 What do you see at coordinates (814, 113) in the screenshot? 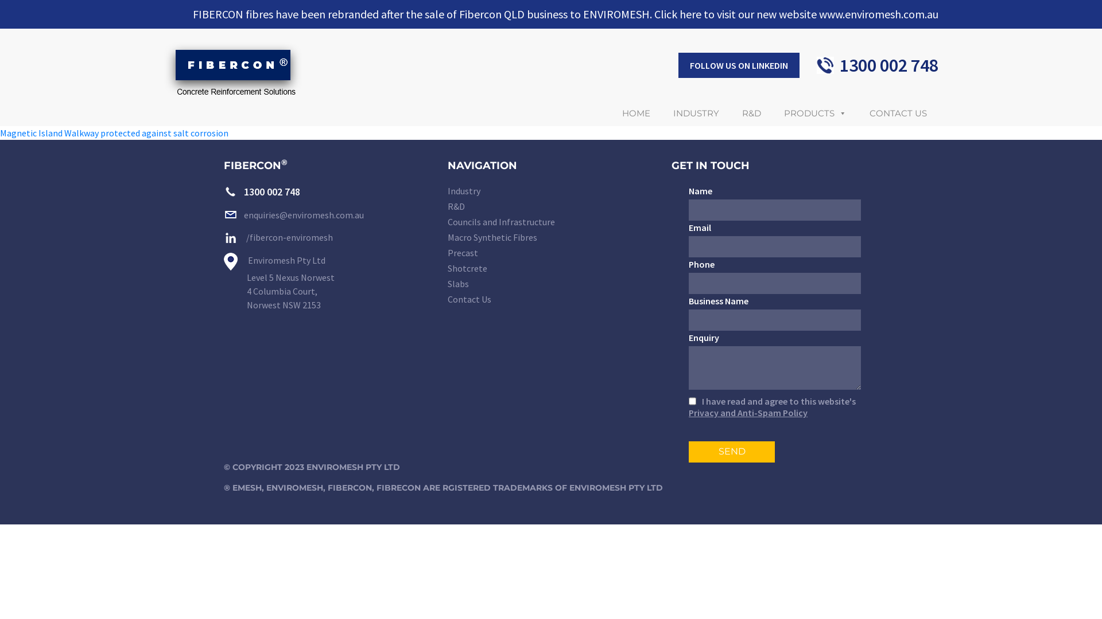
I see `'PRODUCTS'` at bounding box center [814, 113].